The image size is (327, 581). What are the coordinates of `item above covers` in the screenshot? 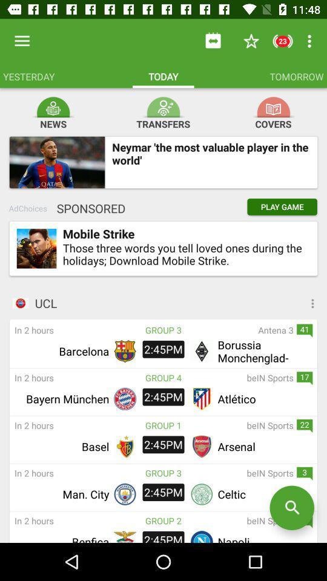 It's located at (273, 107).